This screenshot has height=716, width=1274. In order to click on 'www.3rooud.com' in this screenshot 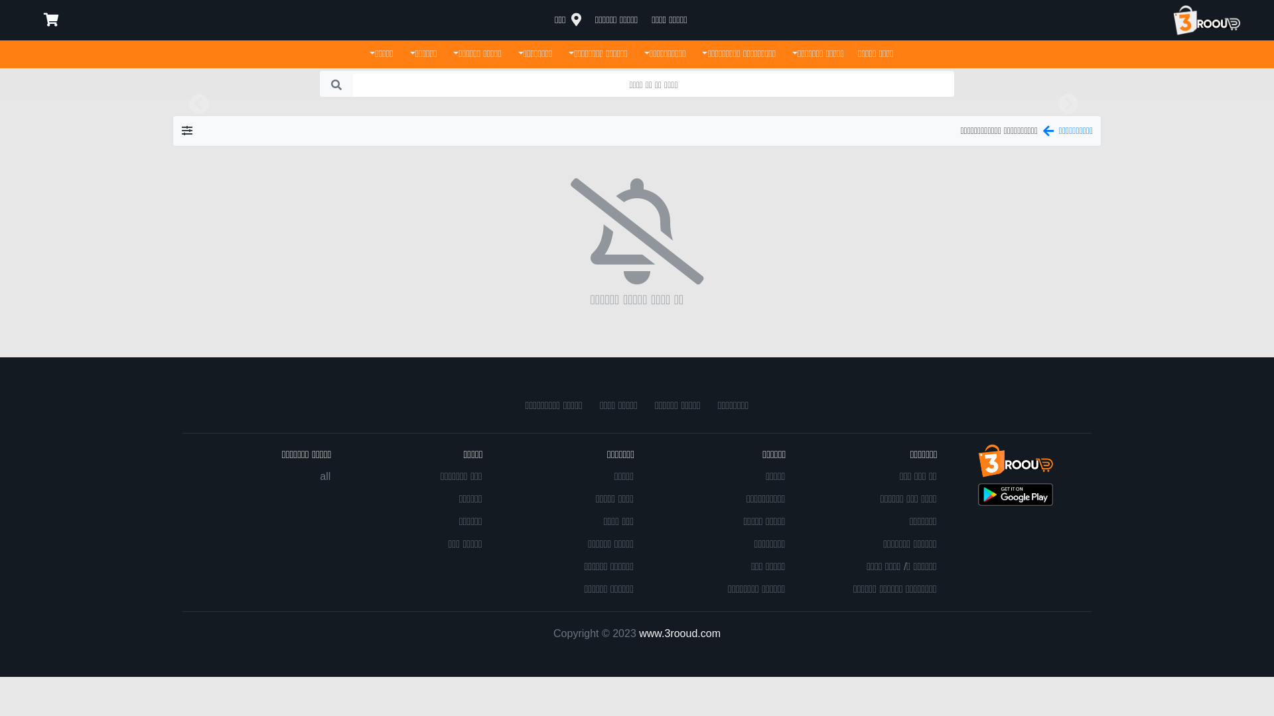, I will do `click(679, 632)`.